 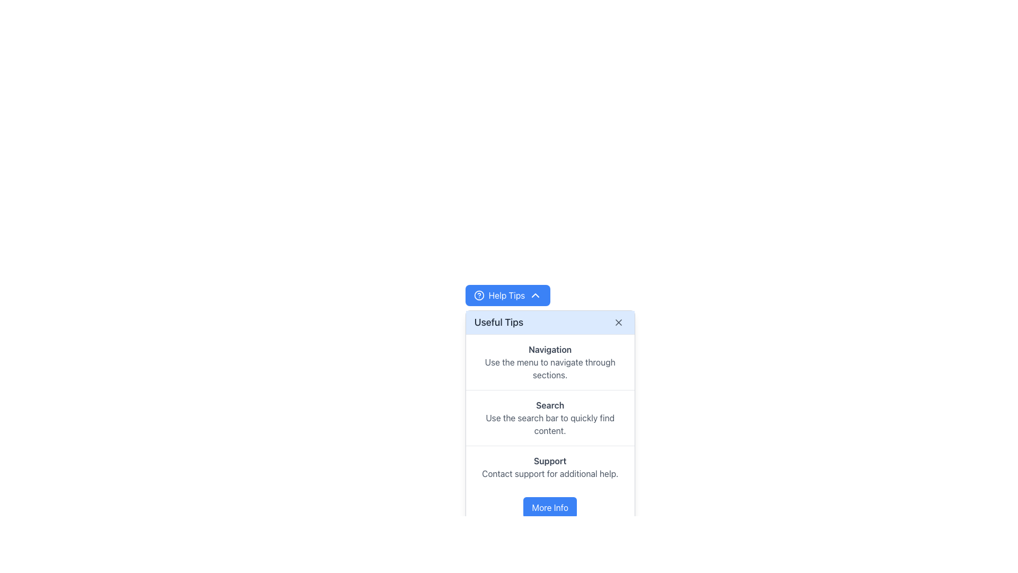 I want to click on the text block displaying 'Use the search bar to quickly find content.' which is located beneath the 'Search' title, so click(x=550, y=423).